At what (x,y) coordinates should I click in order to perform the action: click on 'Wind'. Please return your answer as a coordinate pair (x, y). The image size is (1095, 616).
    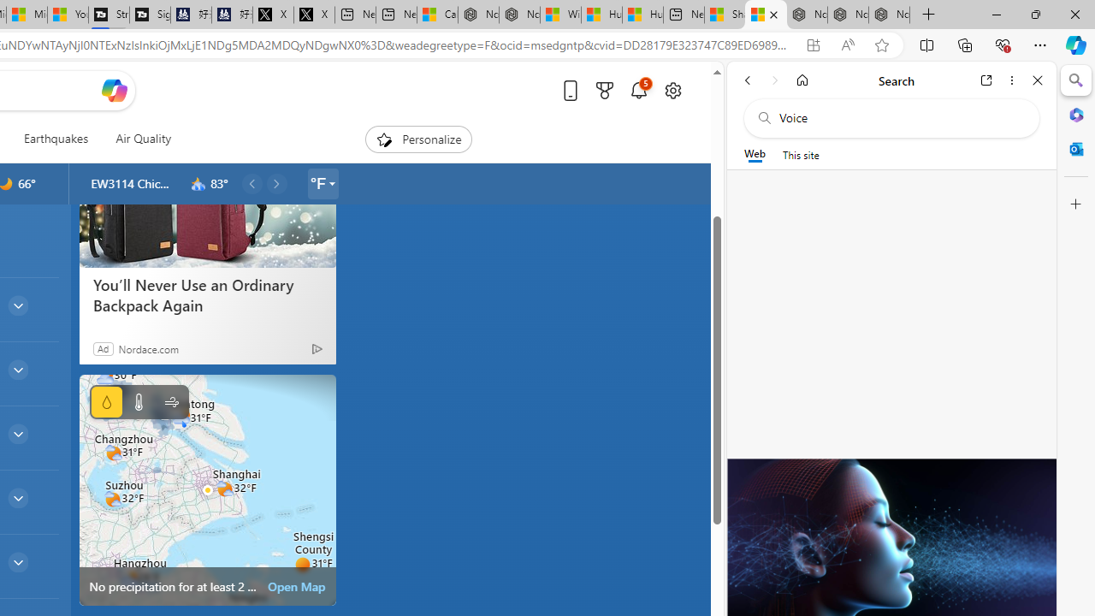
    Looking at the image, I should click on (171, 402).